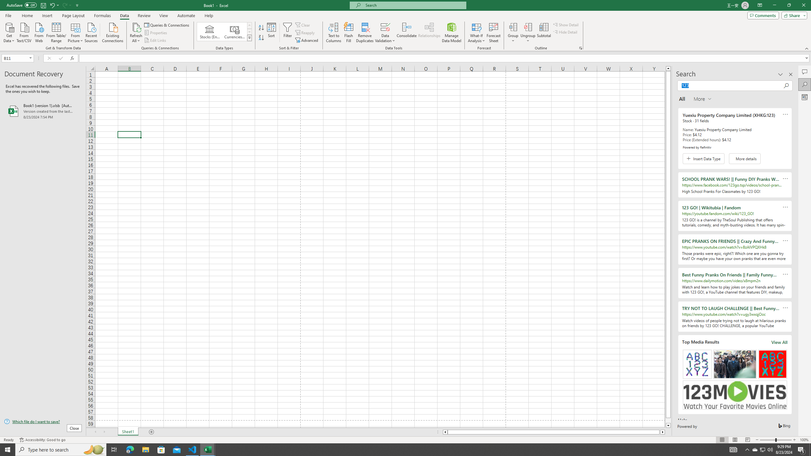 The height and width of the screenshot is (456, 811). I want to click on 'From Web', so click(39, 32).